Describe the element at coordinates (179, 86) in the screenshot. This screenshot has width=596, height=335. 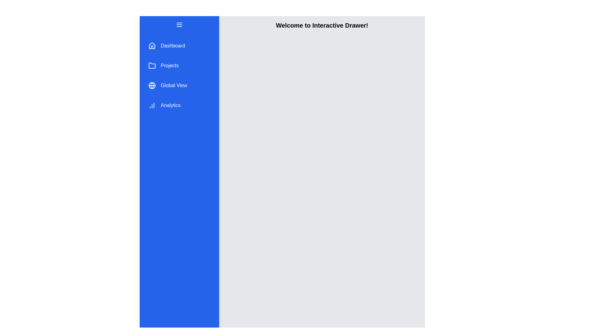
I see `the menu item Global View to observe its hover effect` at that location.